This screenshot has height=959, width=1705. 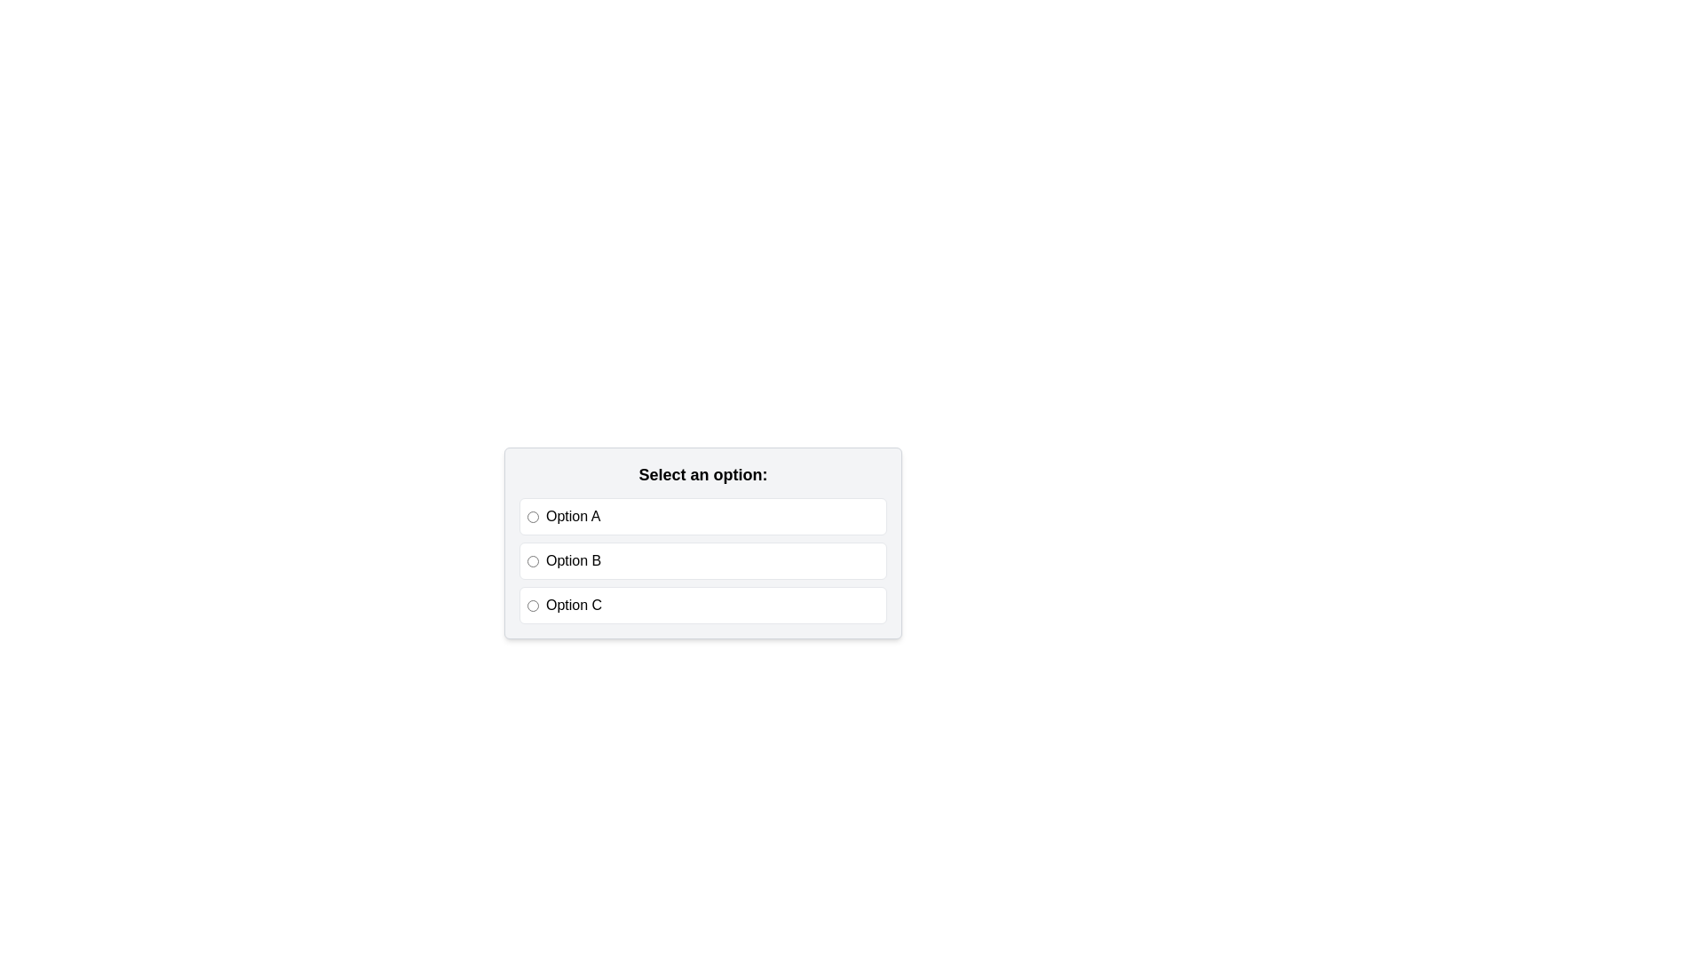 I want to click on the first radio button labeled 'Option A', so click(x=532, y=517).